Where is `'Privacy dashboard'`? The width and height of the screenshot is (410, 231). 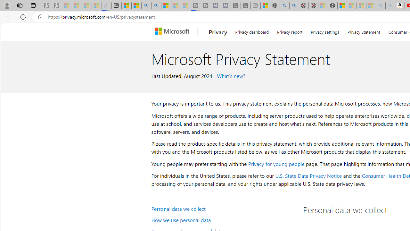
'Privacy dashboard' is located at coordinates (251, 31).